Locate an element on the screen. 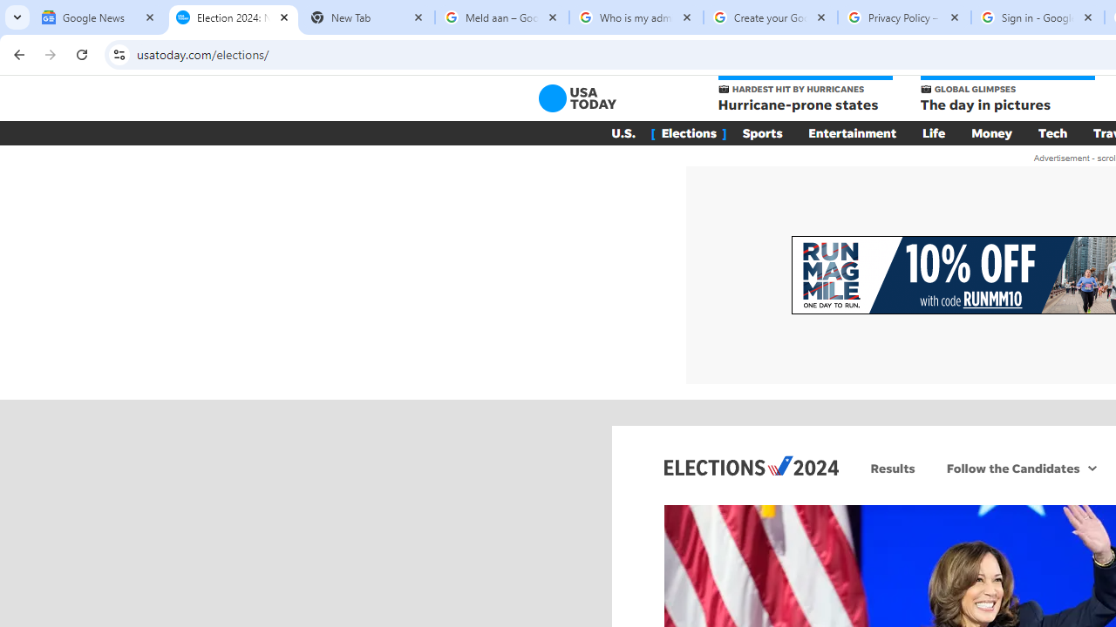 The width and height of the screenshot is (1116, 627). 'Create your Google Account' is located at coordinates (769, 17).